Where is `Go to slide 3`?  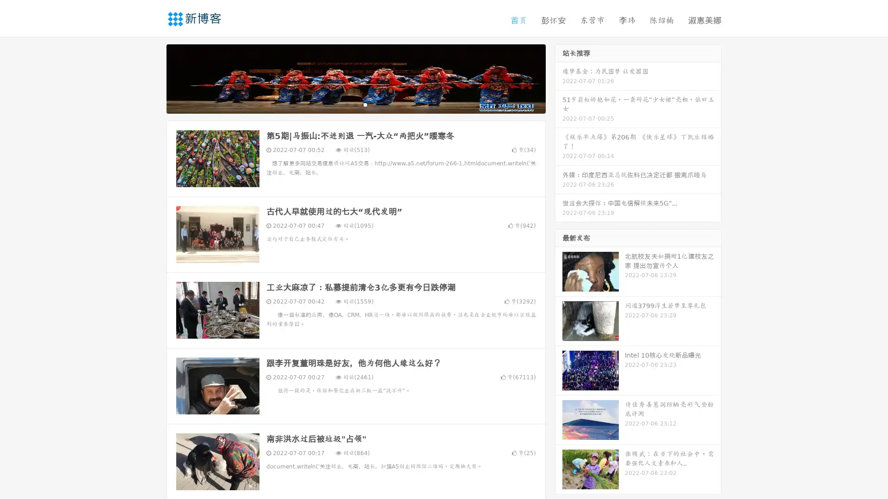 Go to slide 3 is located at coordinates (365, 104).